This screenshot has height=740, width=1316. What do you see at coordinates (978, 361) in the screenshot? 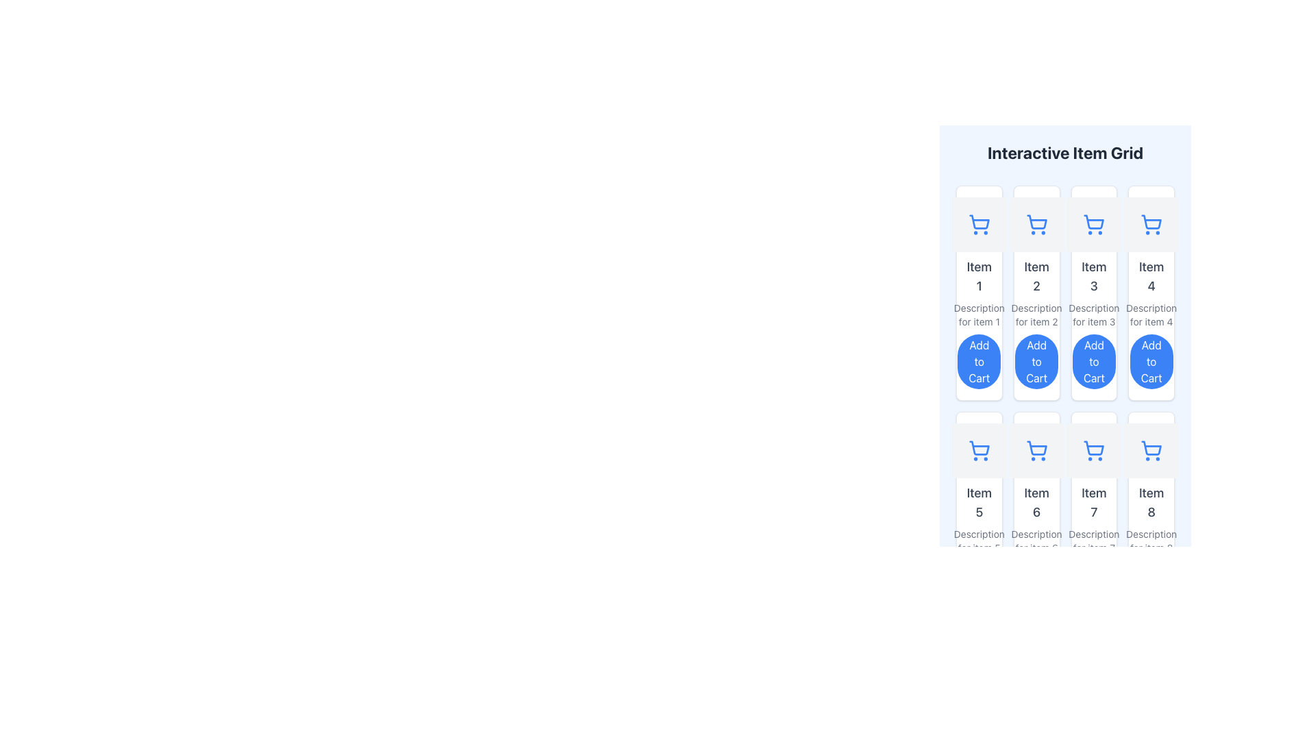
I see `the 'Add to Cart' button located at the bottom of the 'Item 1' card, directly below the description text` at bounding box center [978, 361].